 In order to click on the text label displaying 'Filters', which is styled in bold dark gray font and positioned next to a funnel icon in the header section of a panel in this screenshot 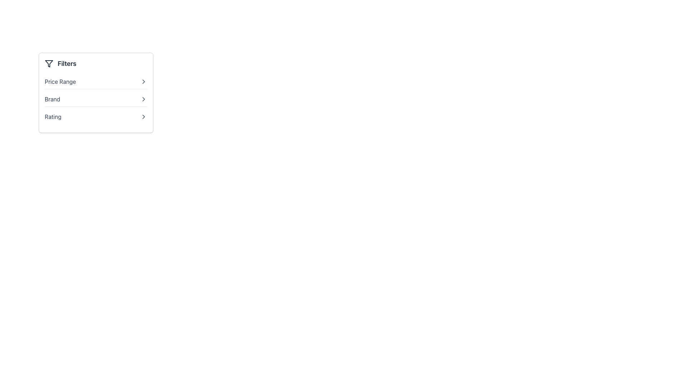, I will do `click(67, 63)`.